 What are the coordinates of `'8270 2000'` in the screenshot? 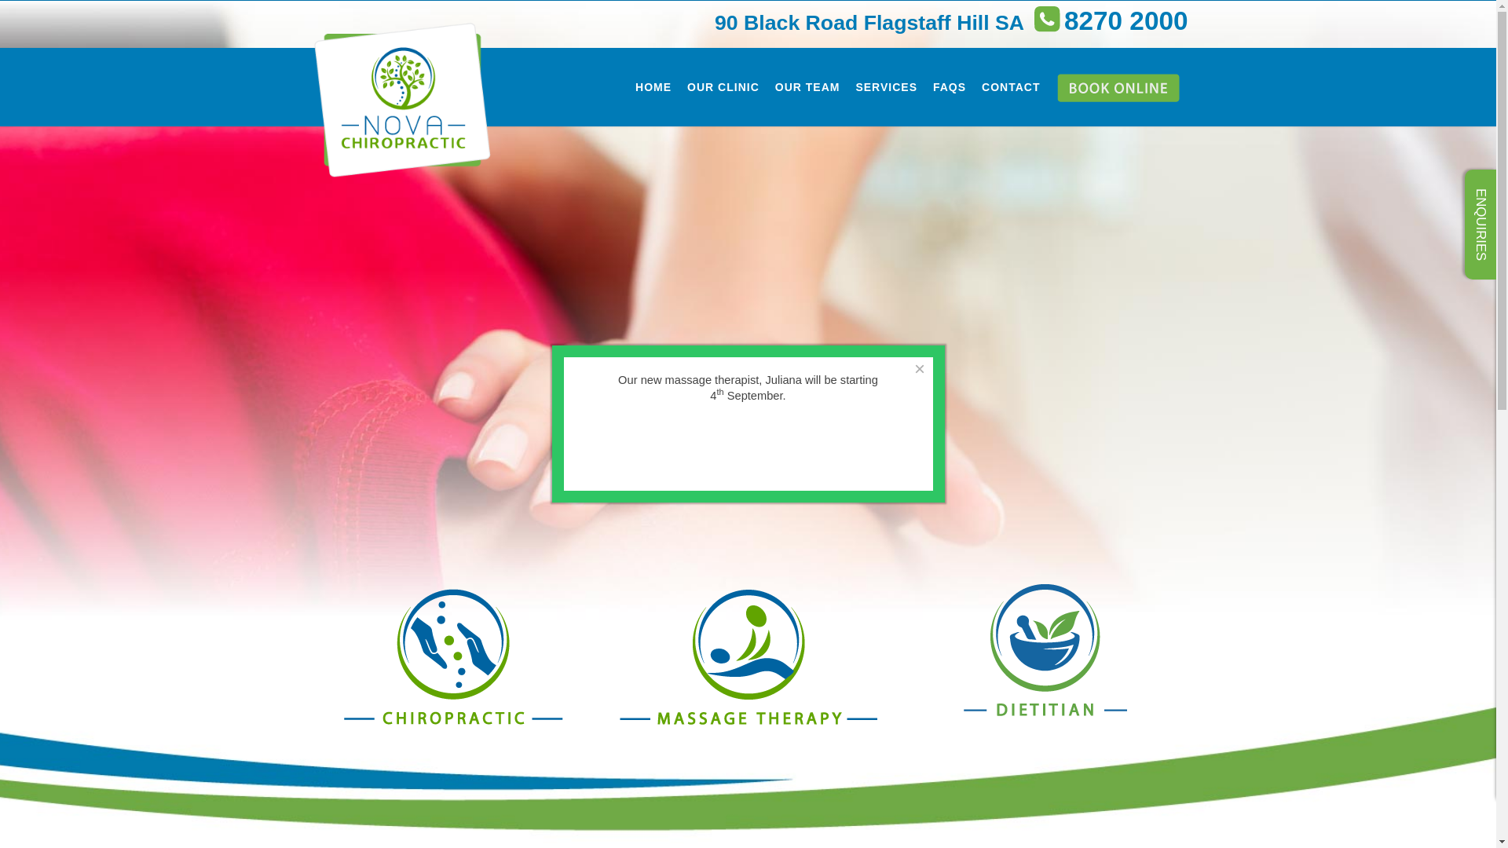 It's located at (1027, 25).